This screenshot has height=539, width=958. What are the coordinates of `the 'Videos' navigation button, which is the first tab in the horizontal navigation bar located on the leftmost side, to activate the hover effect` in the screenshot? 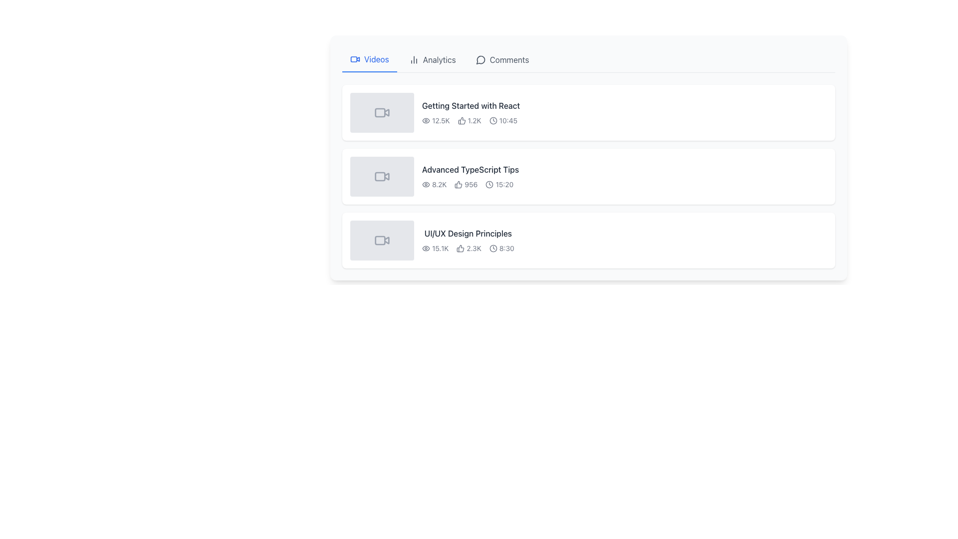 It's located at (369, 59).